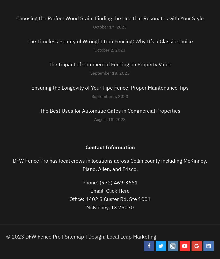 Image resolution: width=220 pixels, height=259 pixels. Describe the element at coordinates (74, 236) in the screenshot. I see `'Sitemap'` at that location.